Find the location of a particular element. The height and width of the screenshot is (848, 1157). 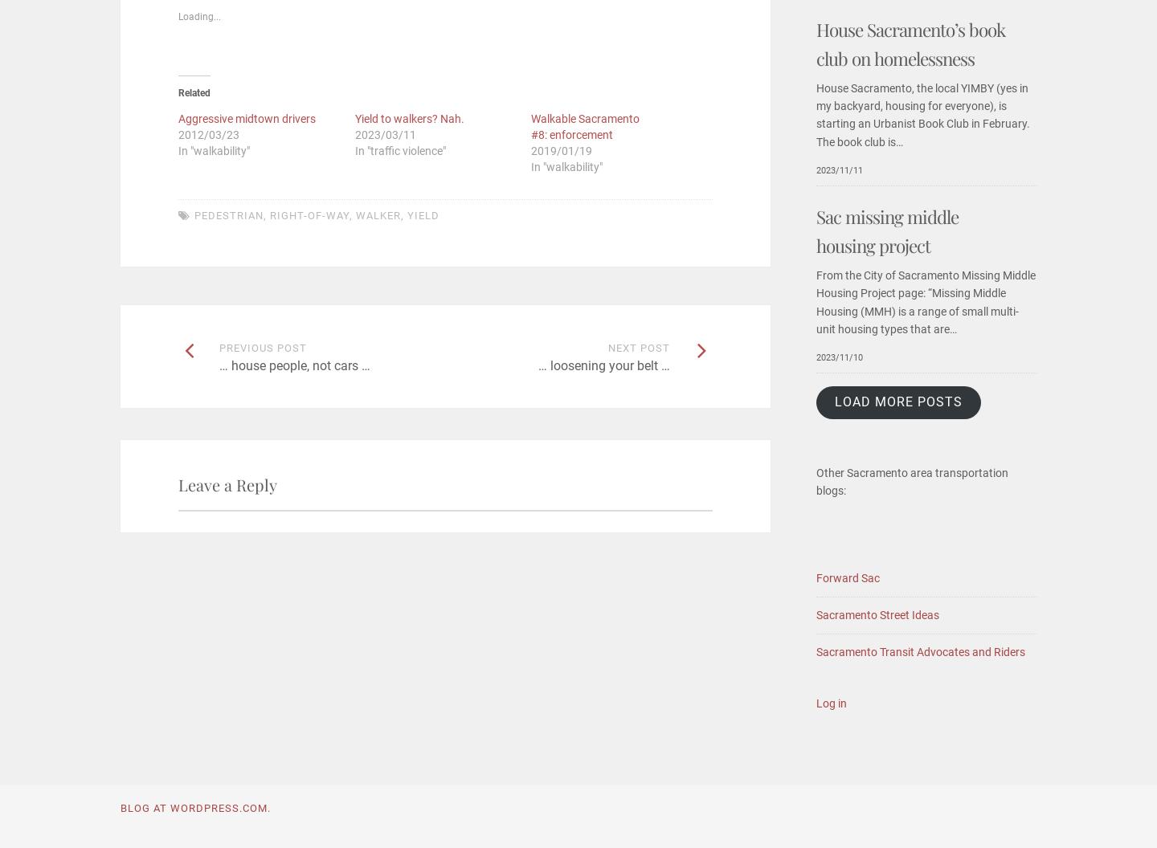

'Forward Sac' is located at coordinates (848, 577).